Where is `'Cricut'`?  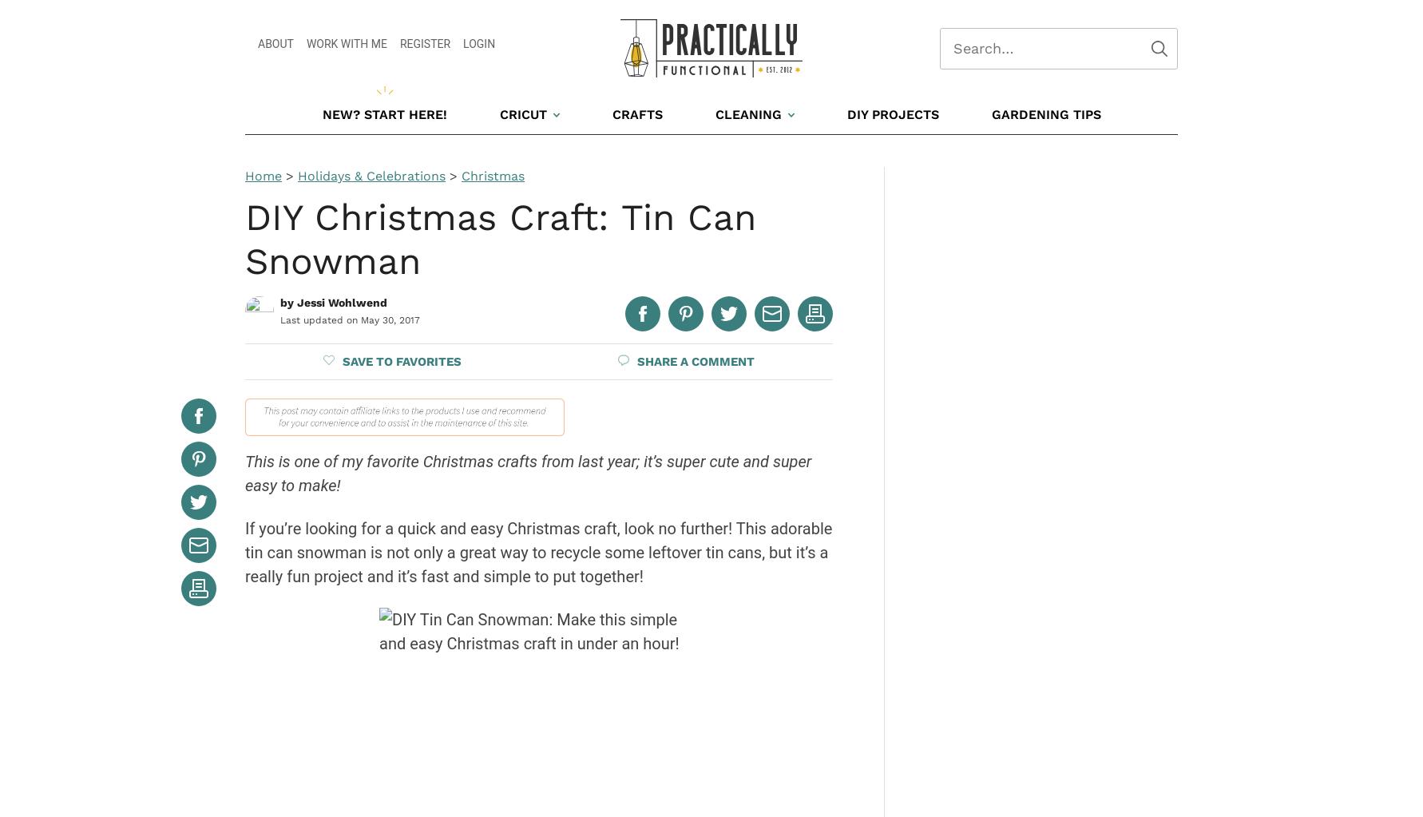
'Cricut' is located at coordinates (521, 113).